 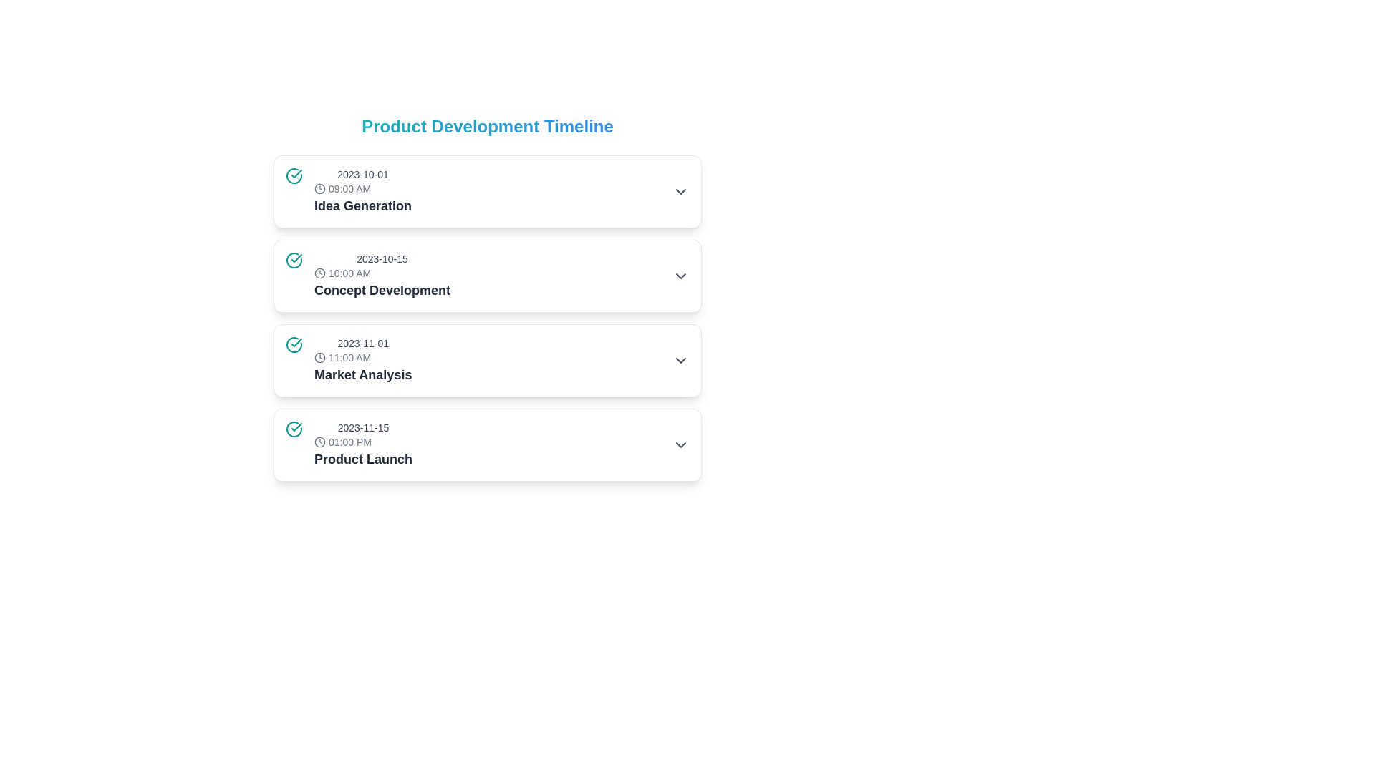 I want to click on the 'Idea Generation' text label, which is a bold, large, dark gray header located below the time and date in the first task section of the timeline interface, so click(x=363, y=206).